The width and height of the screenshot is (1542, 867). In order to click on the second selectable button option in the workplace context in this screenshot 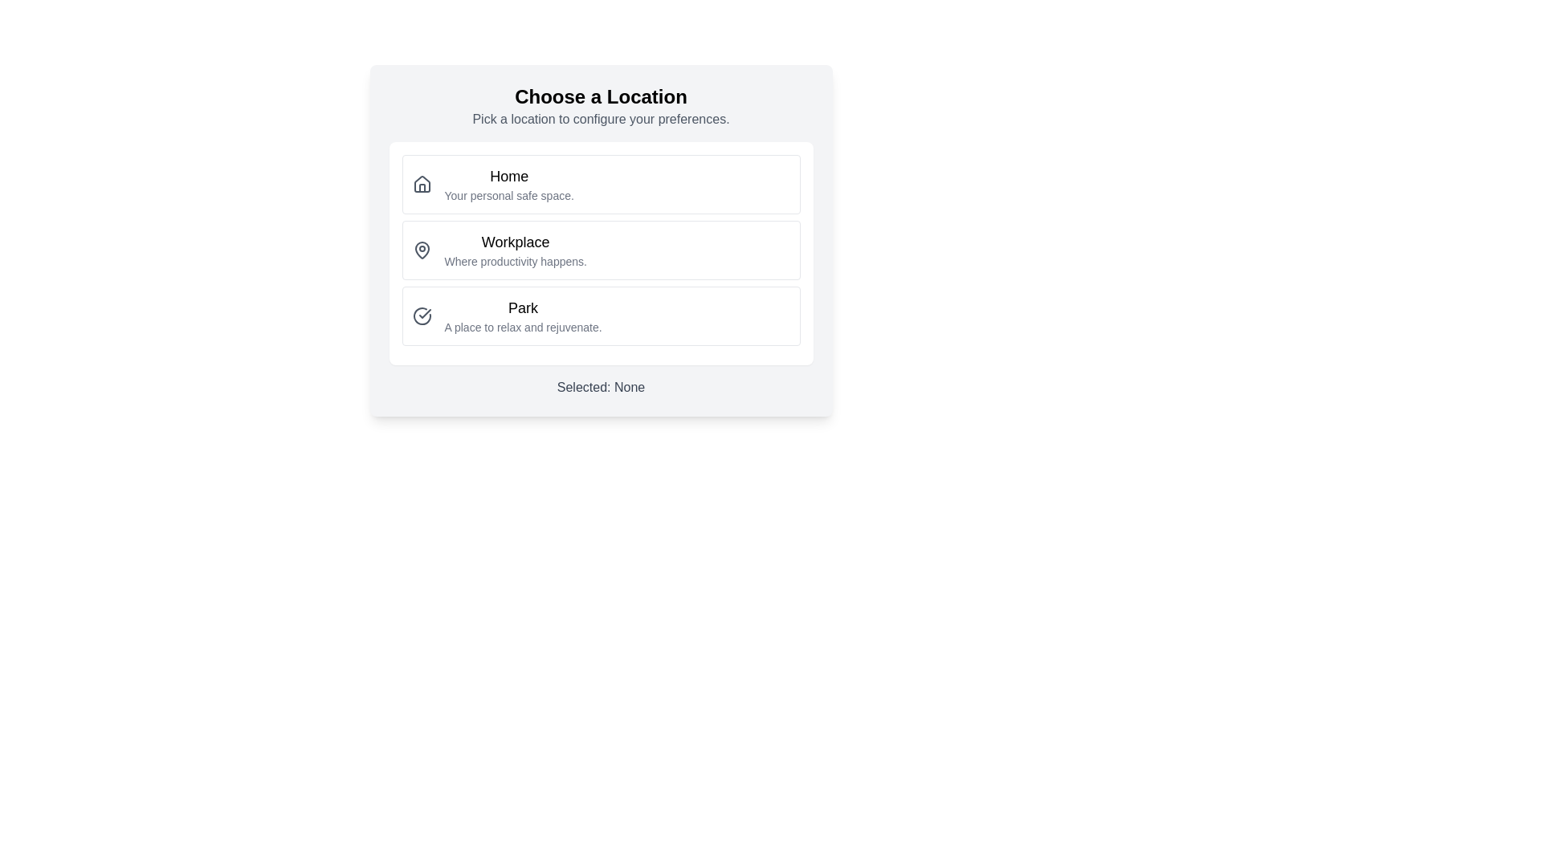, I will do `click(600, 250)`.